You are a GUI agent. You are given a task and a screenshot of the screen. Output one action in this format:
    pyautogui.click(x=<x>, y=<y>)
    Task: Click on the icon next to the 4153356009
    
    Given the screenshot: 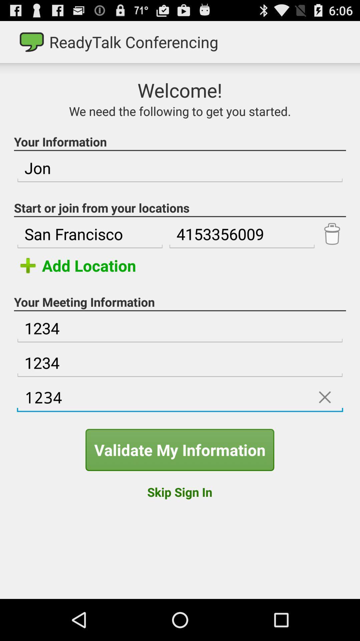 What is the action you would take?
    pyautogui.click(x=332, y=234)
    